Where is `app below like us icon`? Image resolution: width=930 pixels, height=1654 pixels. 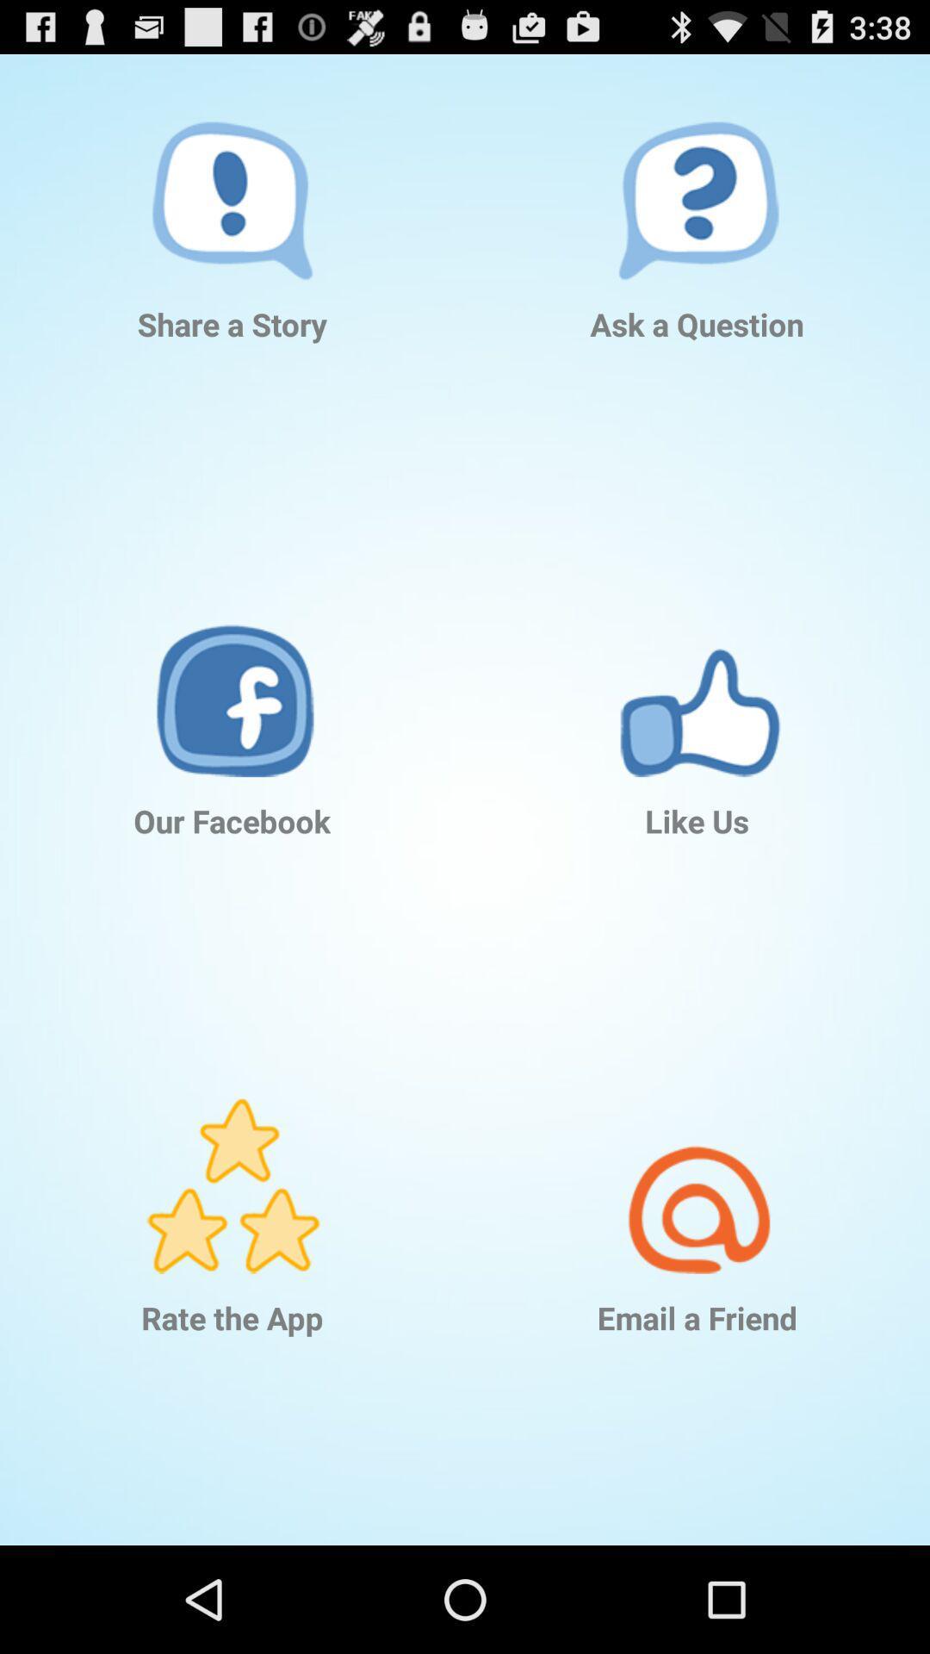
app below like us icon is located at coordinates (697, 1160).